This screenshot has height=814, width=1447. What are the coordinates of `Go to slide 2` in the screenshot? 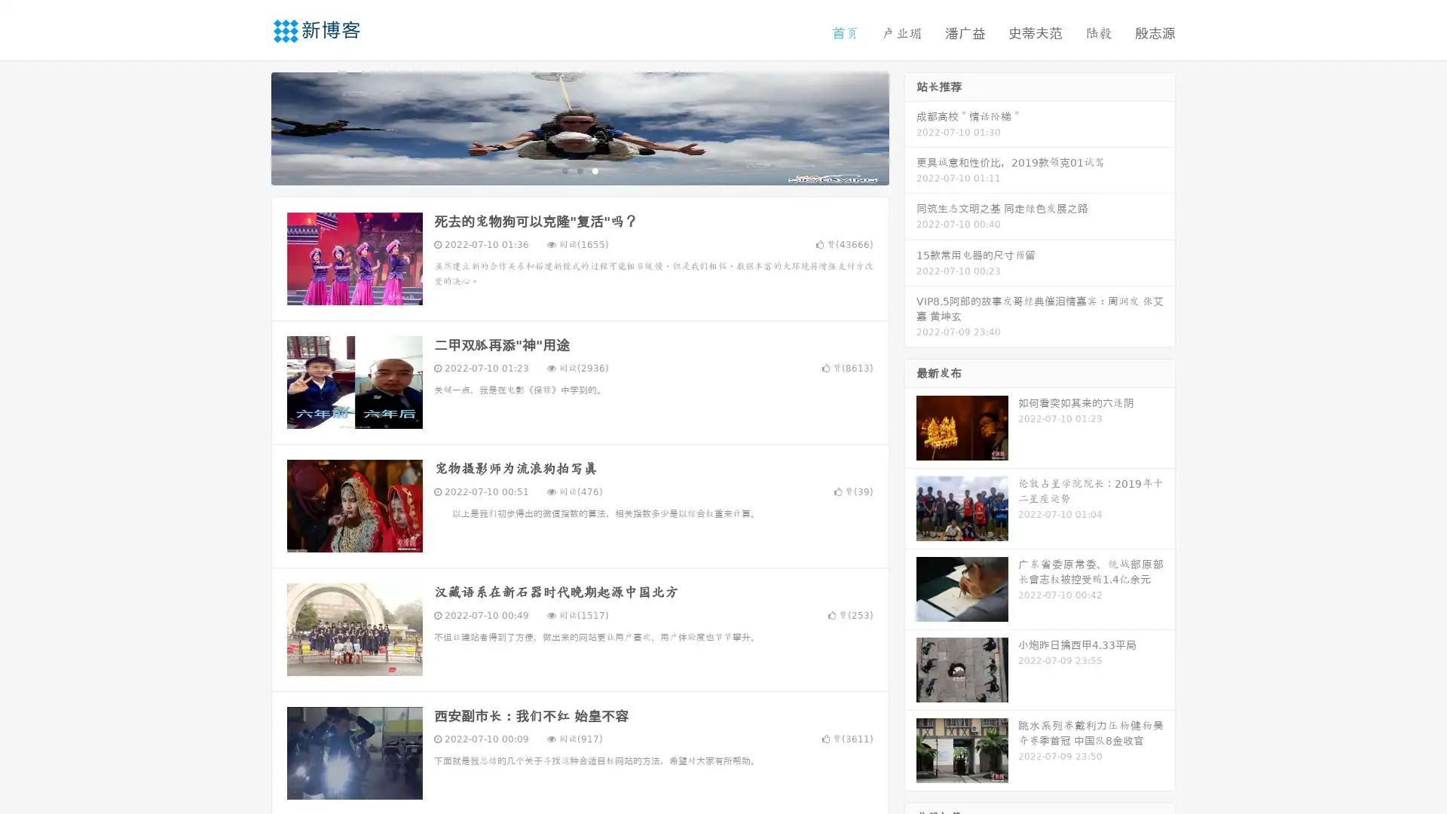 It's located at (579, 170).